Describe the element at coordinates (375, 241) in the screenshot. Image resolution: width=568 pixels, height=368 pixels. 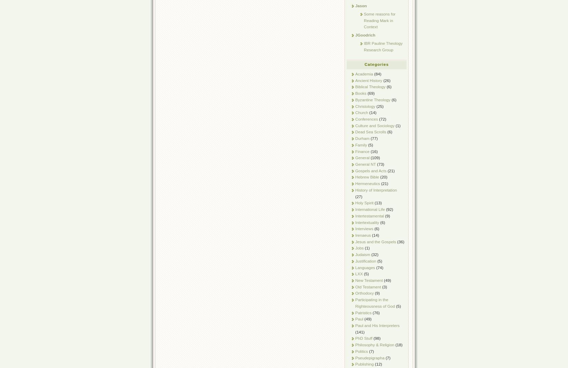
I see `'Jesus and the Gospels'` at that location.